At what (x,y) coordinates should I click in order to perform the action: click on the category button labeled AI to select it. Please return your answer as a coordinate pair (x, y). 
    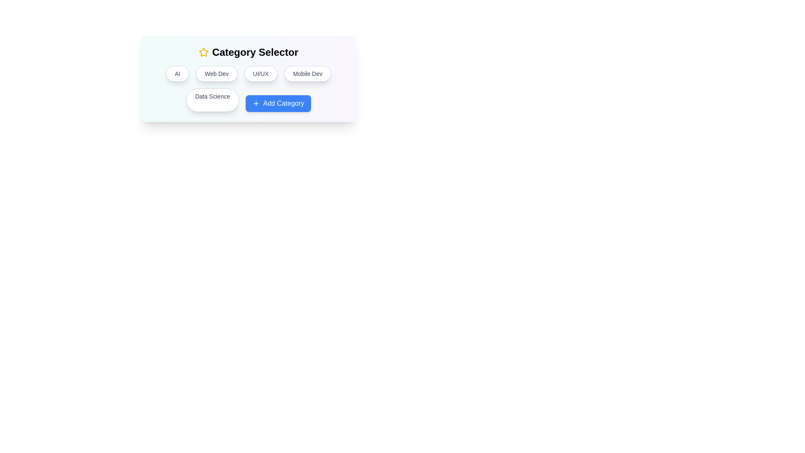
    Looking at the image, I should click on (177, 73).